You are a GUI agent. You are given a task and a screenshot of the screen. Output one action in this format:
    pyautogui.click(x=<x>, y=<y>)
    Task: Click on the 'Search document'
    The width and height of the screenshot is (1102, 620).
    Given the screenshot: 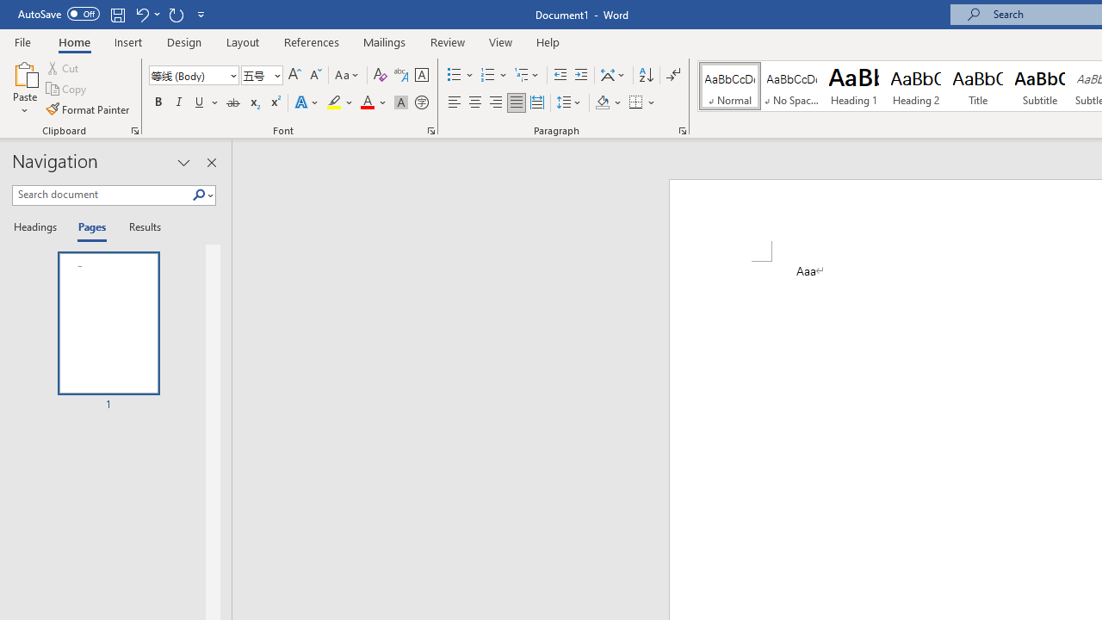 What is the action you would take?
    pyautogui.click(x=101, y=194)
    